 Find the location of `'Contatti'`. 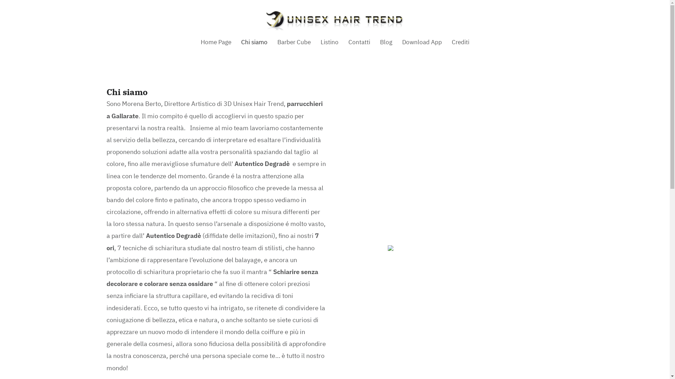

'Contatti' is located at coordinates (359, 42).